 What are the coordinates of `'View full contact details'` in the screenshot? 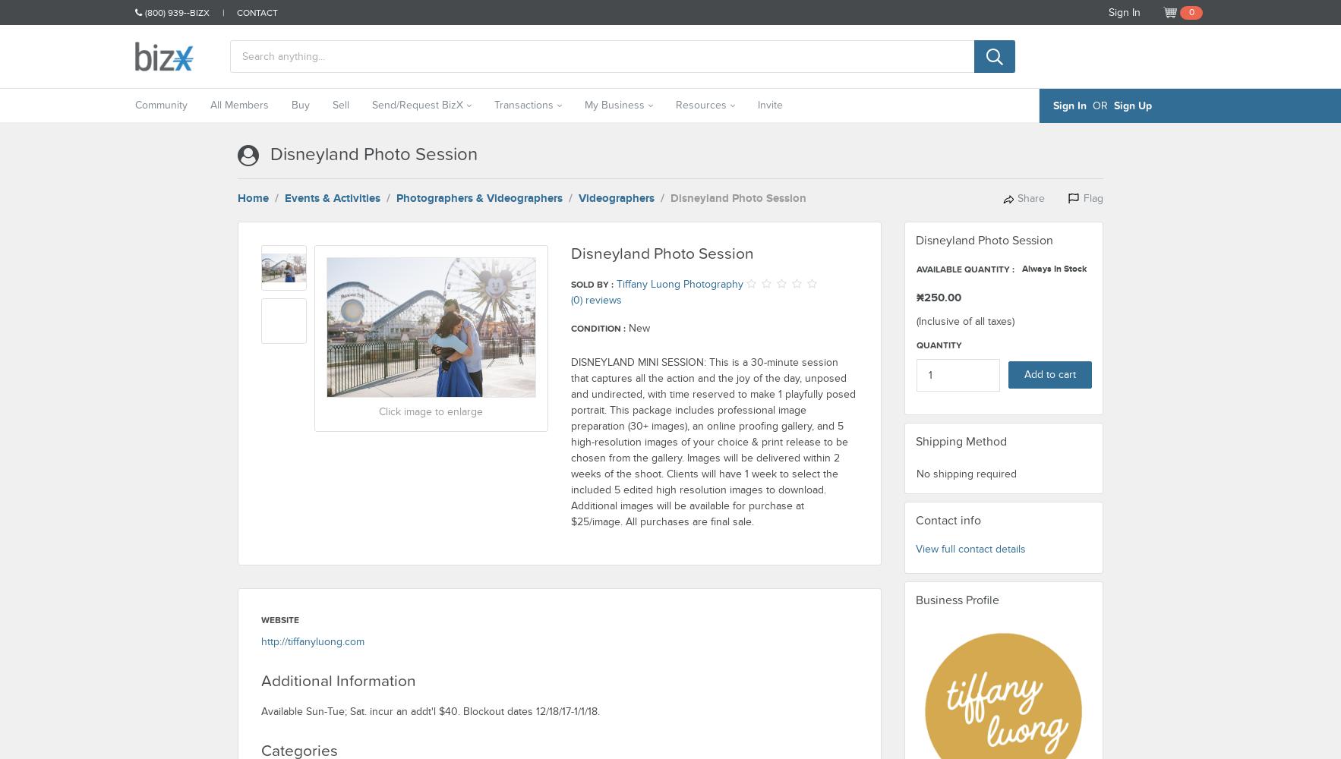 It's located at (913, 547).